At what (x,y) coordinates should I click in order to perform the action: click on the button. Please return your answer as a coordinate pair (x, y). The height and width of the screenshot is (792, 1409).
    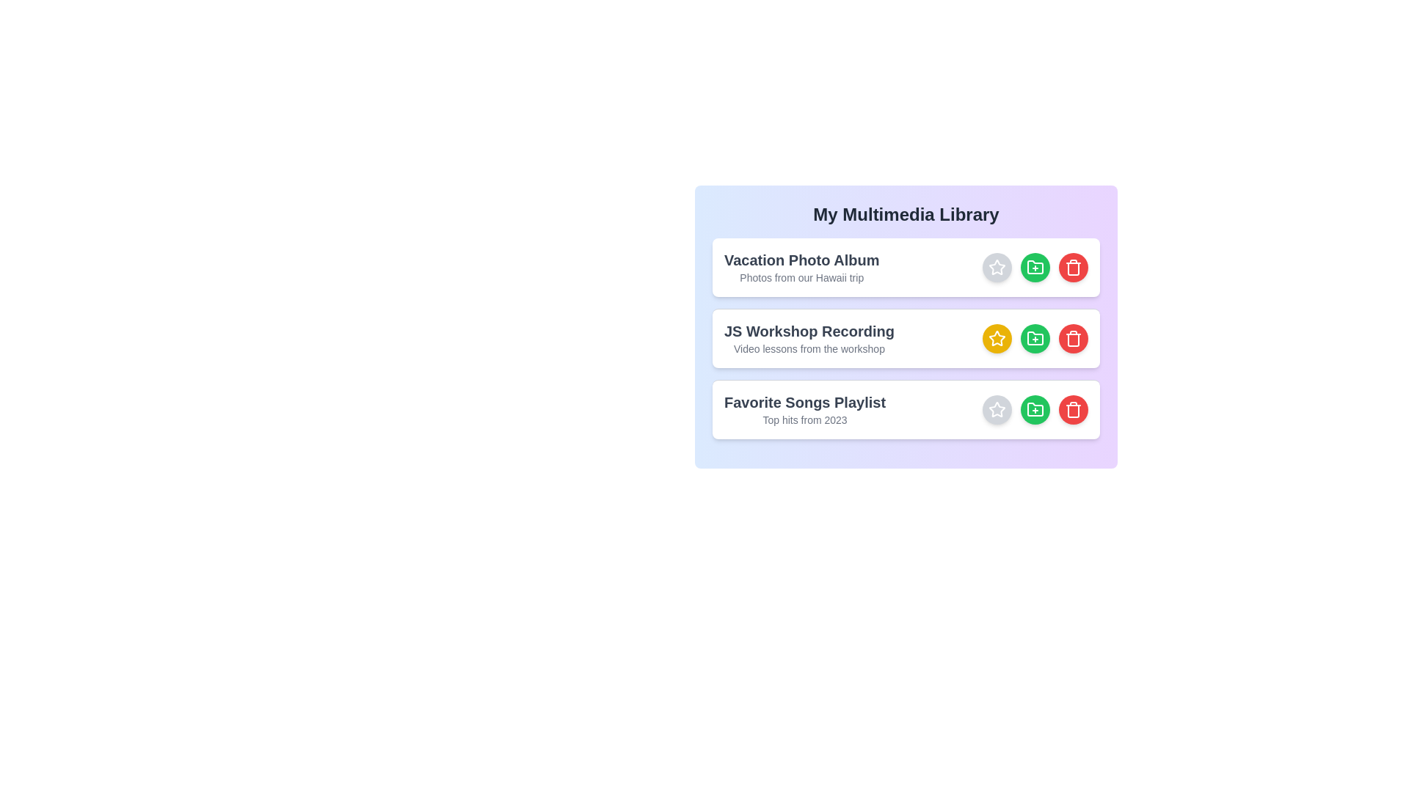
    Looking at the image, I should click on (1035, 339).